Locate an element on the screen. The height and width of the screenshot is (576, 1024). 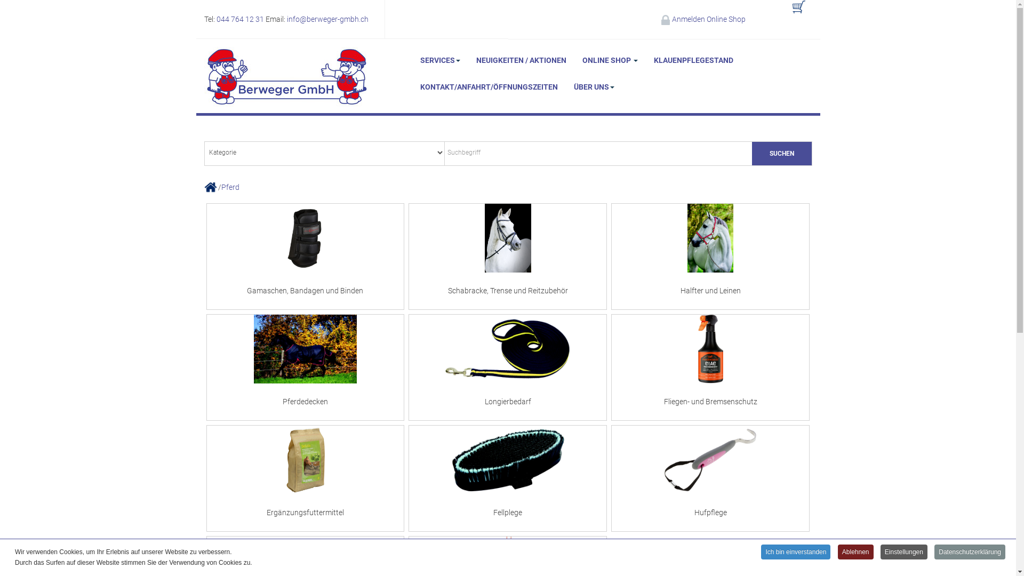
' ' is located at coordinates (783, 13).